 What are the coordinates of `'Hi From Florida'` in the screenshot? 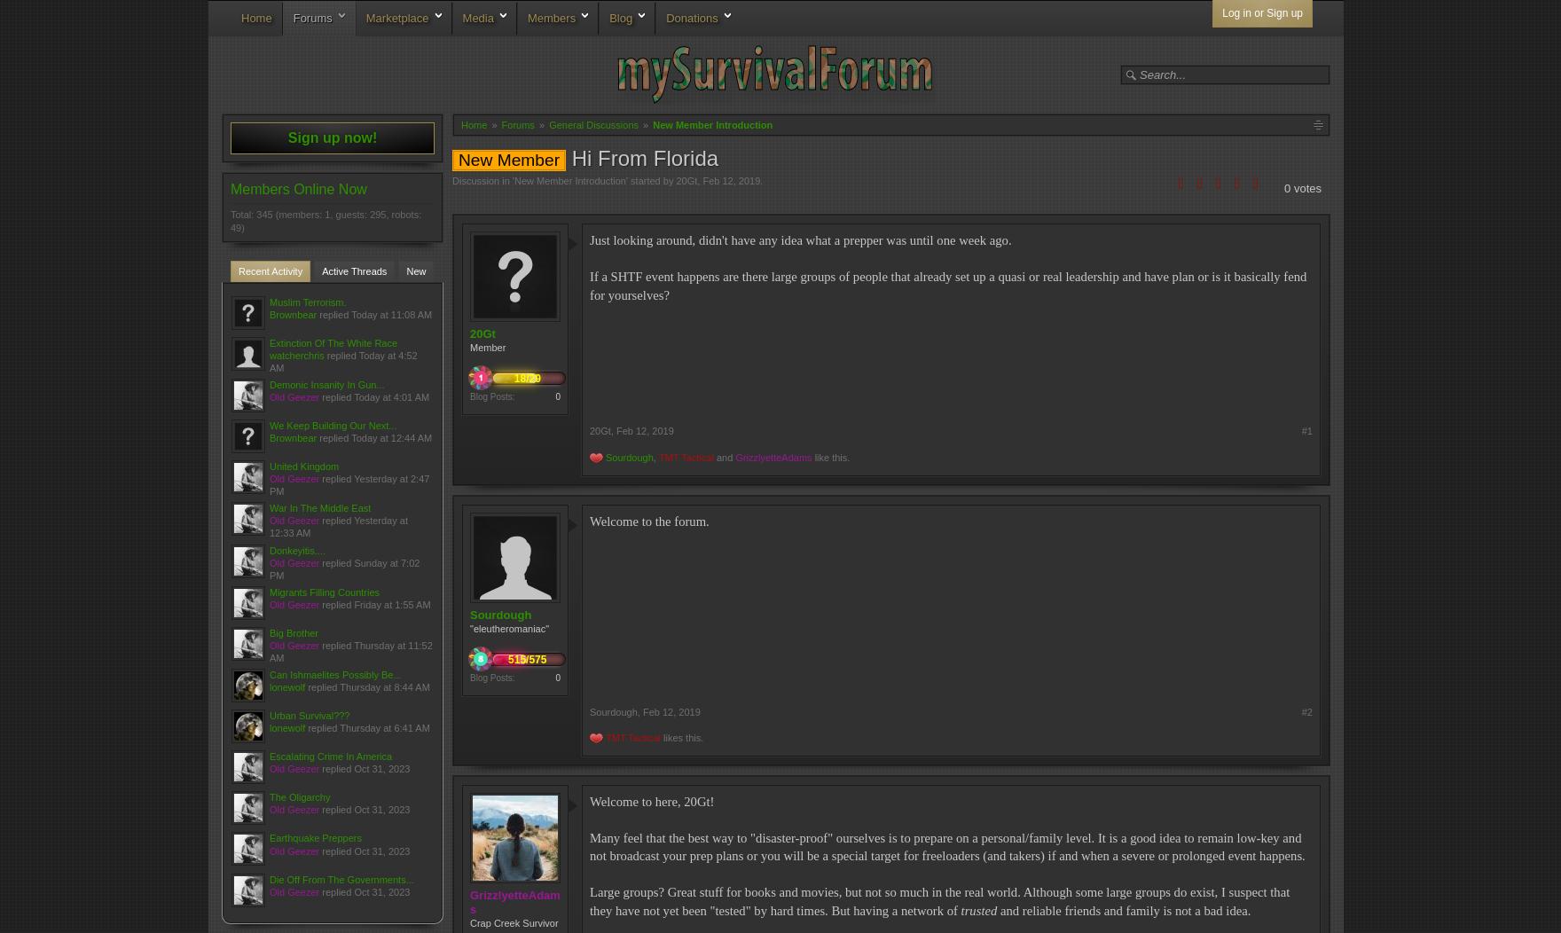 It's located at (641, 158).